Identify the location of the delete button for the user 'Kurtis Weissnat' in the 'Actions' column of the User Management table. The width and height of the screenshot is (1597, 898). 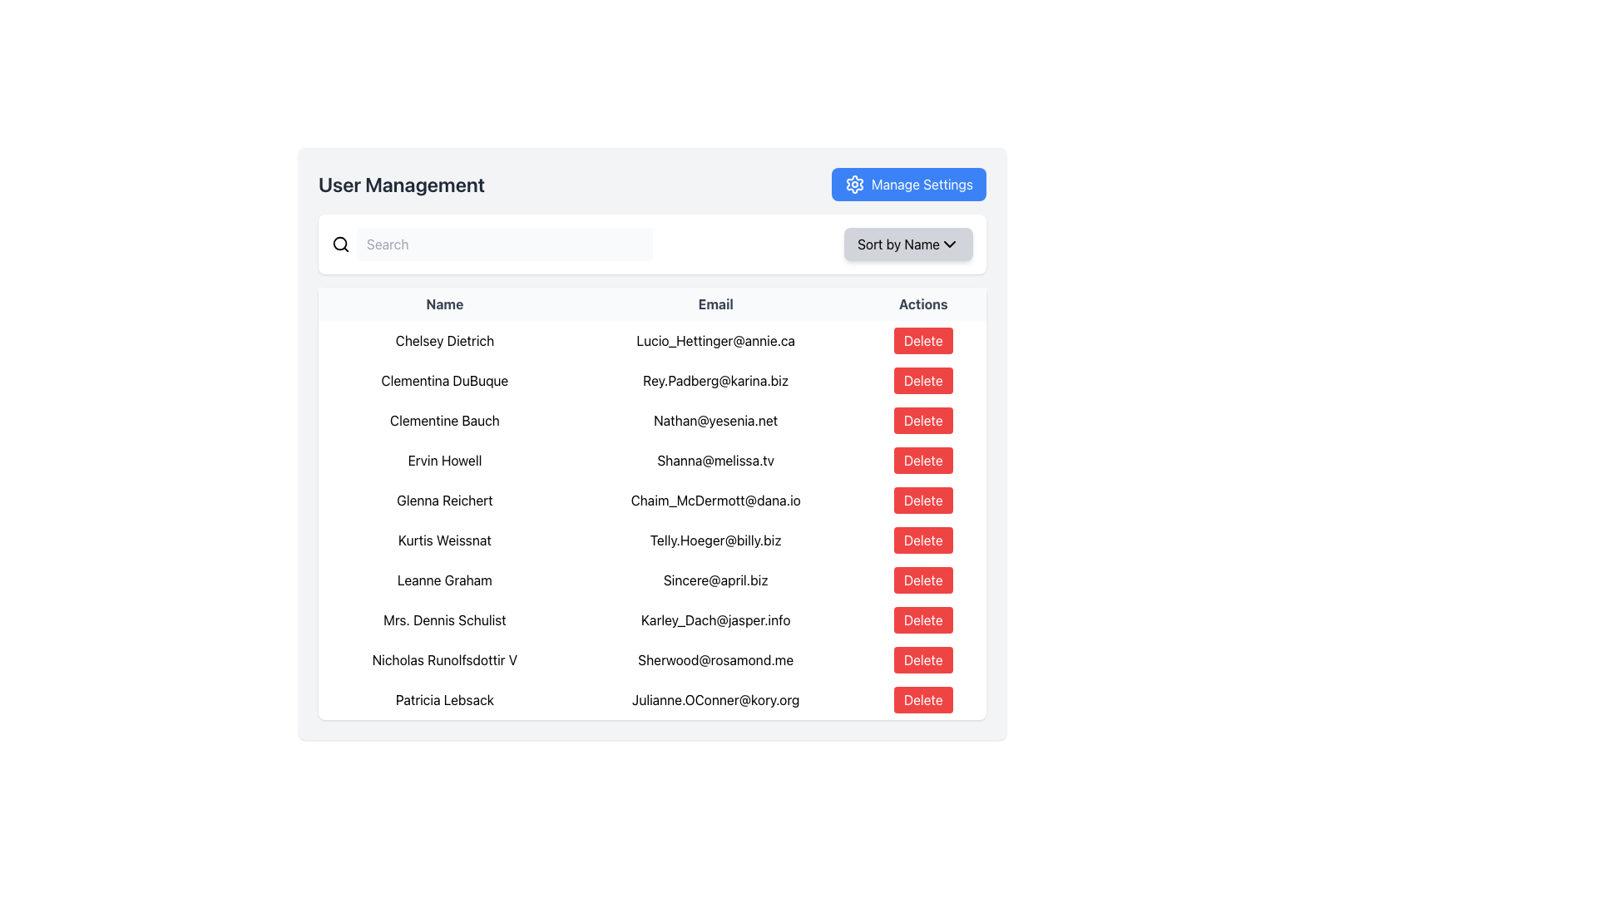
(922, 540).